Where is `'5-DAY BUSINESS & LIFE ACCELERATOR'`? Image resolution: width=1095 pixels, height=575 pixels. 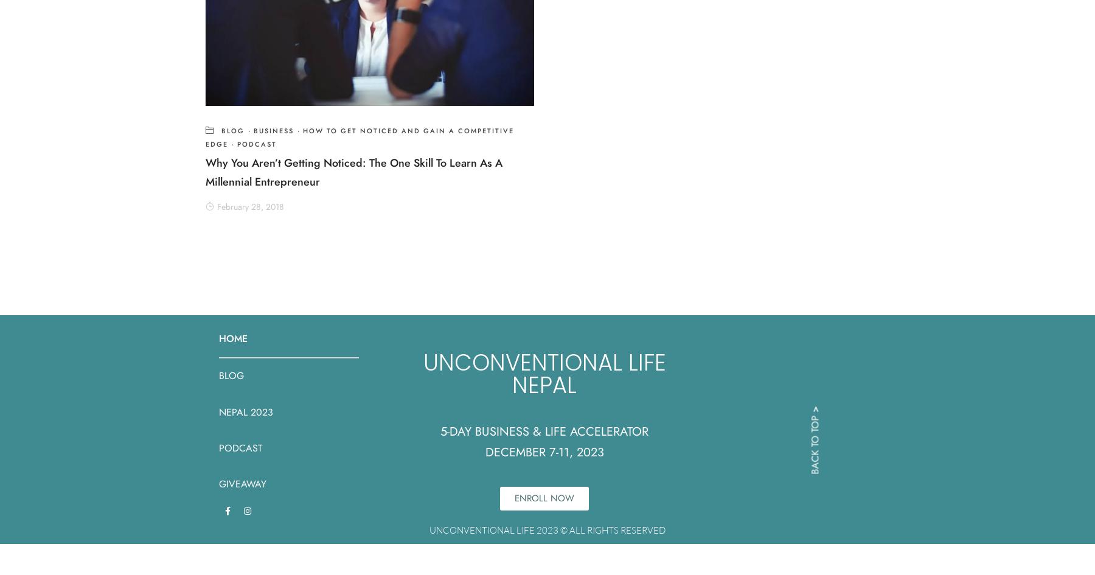
'5-DAY BUSINESS & LIFE ACCELERATOR' is located at coordinates (544, 431).